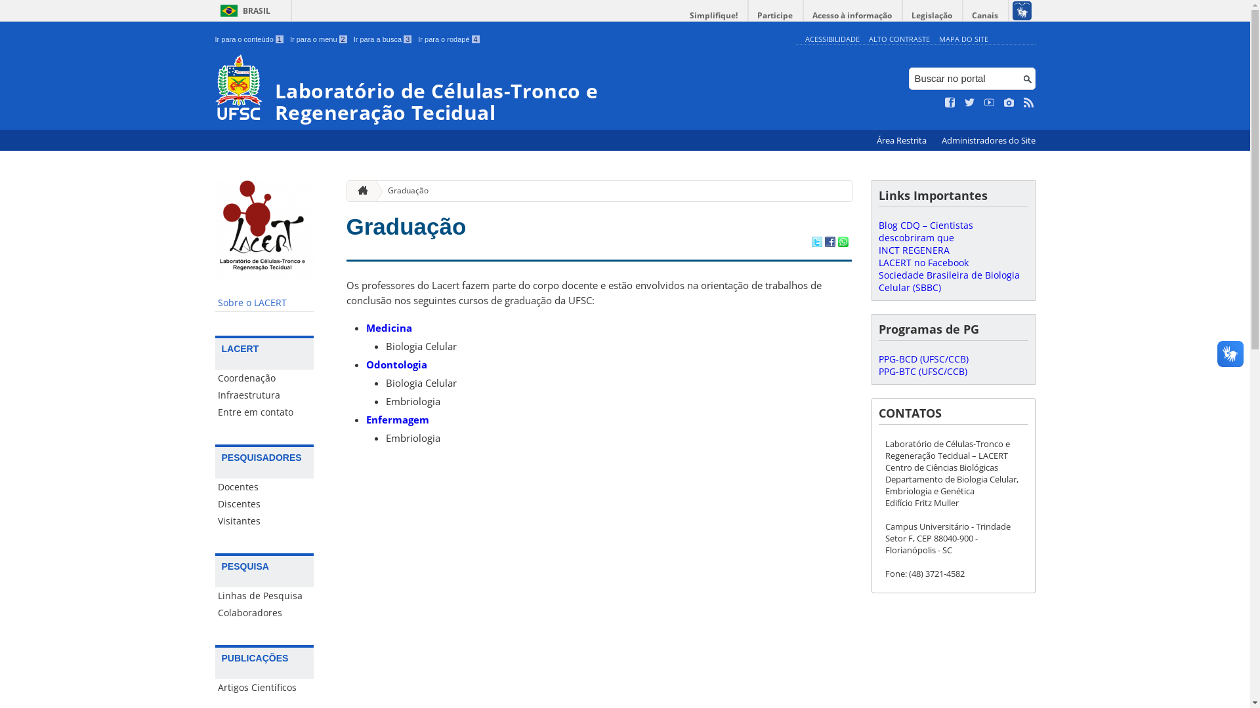  Describe the element at coordinates (970, 102) in the screenshot. I see `'Siga no Twitter'` at that location.